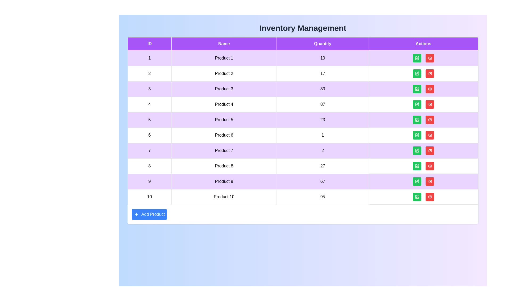  Describe the element at coordinates (323, 44) in the screenshot. I see `the header of the column Quantity to sort the table by that column` at that location.